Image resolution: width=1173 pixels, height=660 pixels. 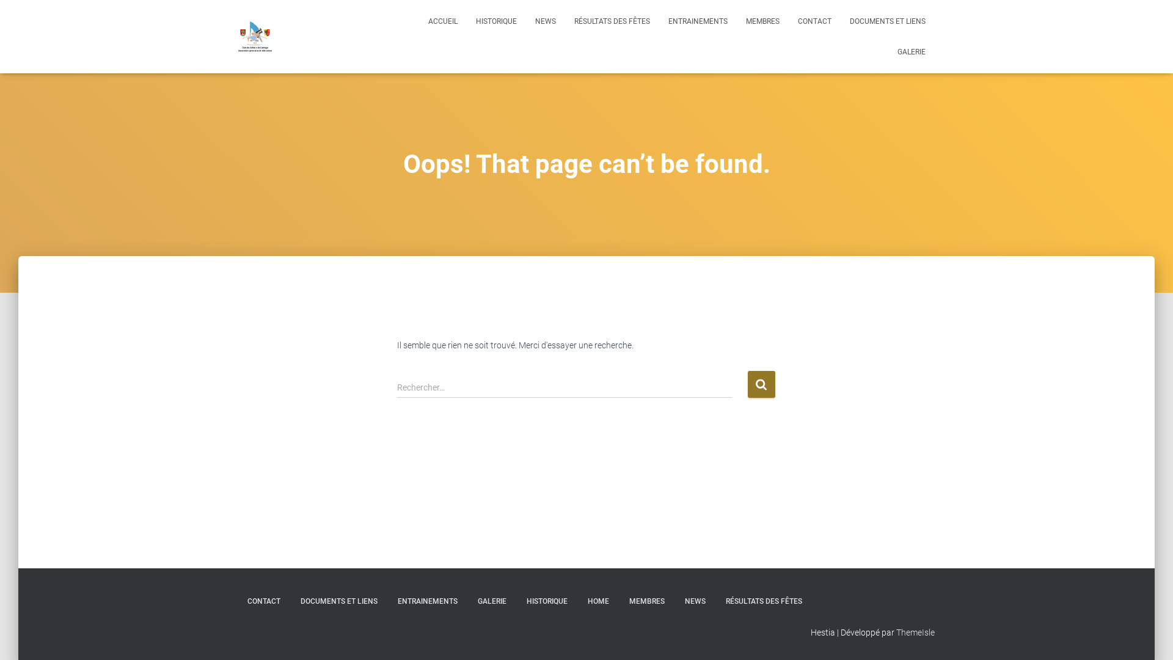 I want to click on 'HISTORIQUE', so click(x=496, y=21).